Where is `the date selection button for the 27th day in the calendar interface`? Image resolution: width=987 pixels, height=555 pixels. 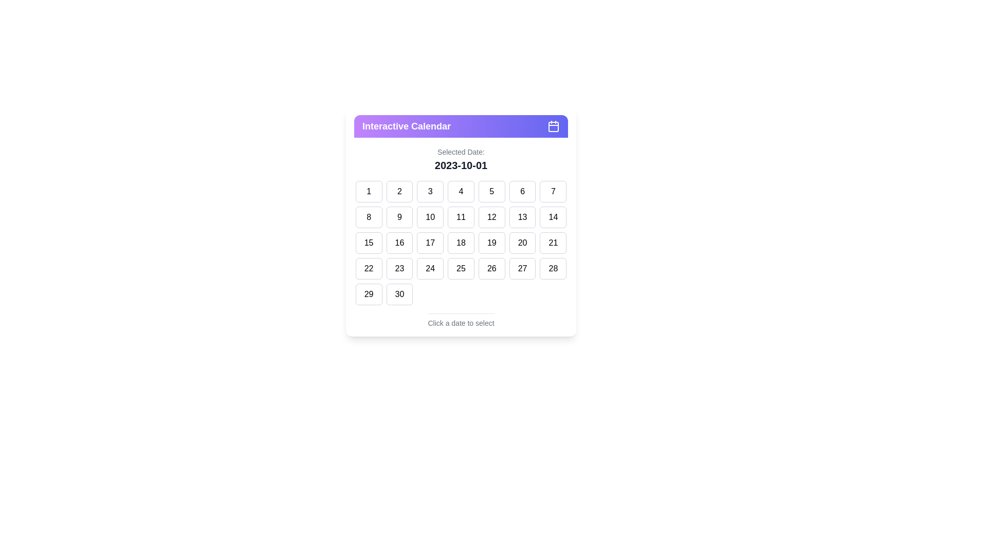
the date selection button for the 27th day in the calendar interface is located at coordinates (522, 268).